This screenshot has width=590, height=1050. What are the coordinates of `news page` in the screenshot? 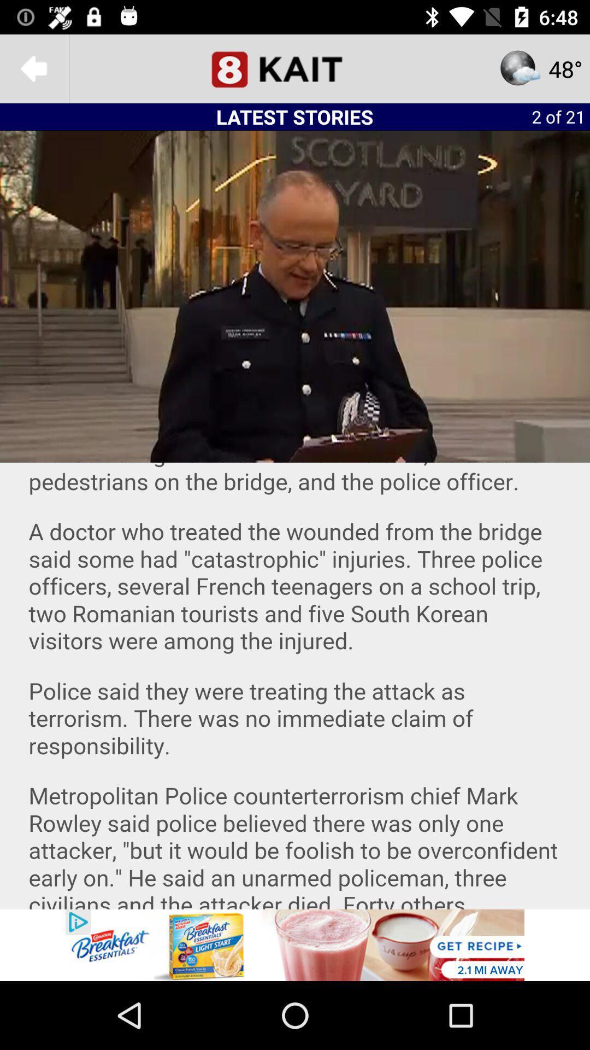 It's located at (295, 68).